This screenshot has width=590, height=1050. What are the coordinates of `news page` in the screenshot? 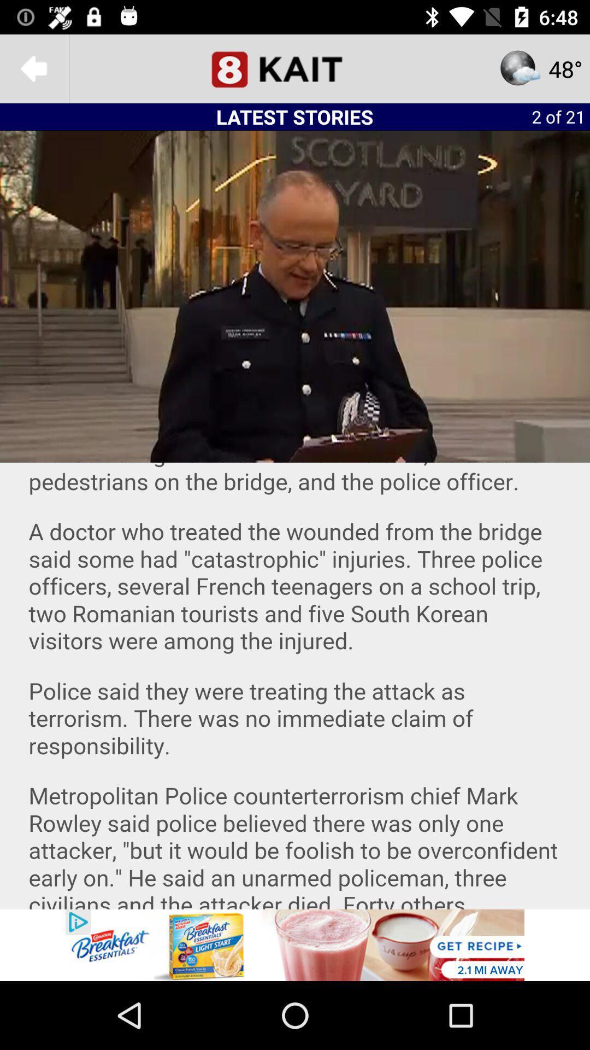 It's located at (295, 68).